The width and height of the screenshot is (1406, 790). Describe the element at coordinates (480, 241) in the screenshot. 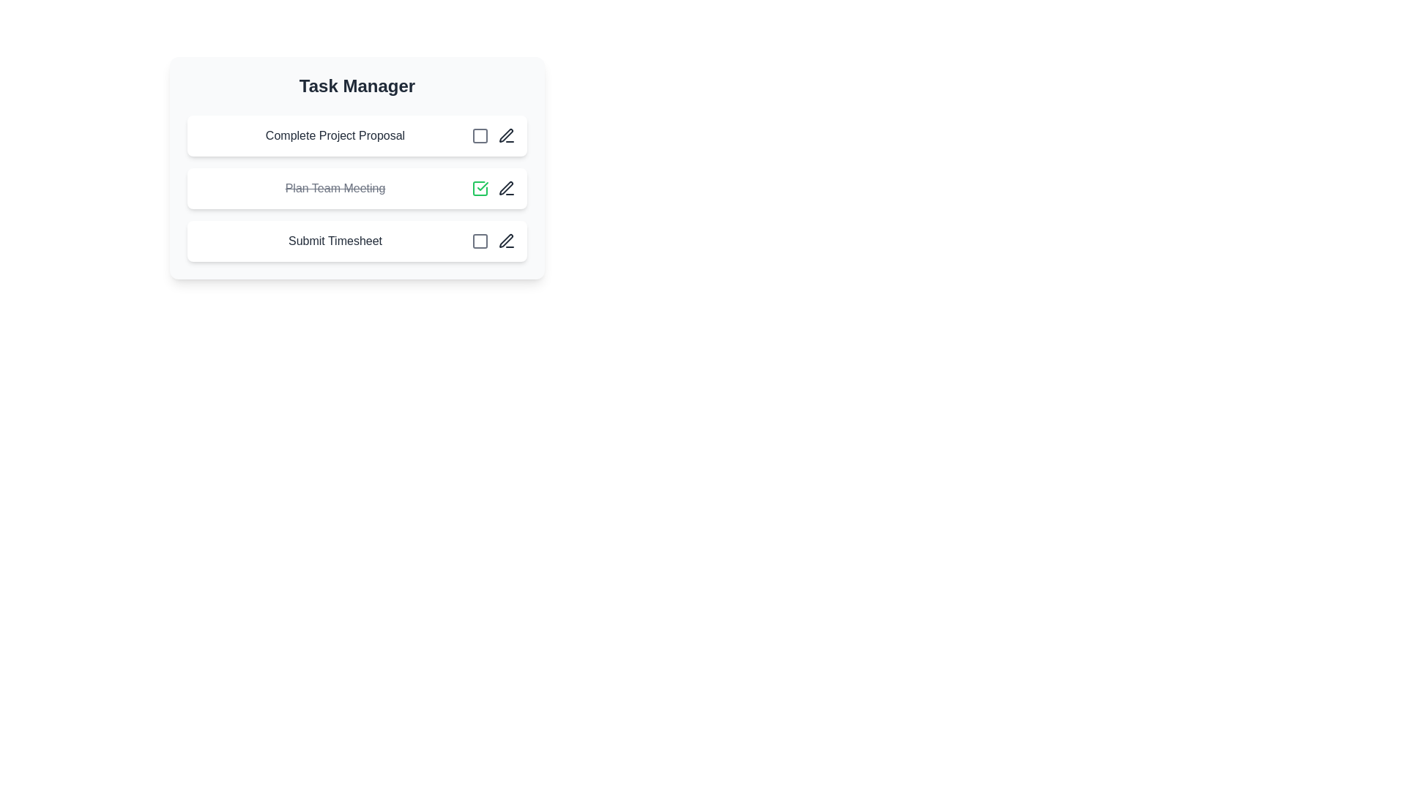

I see `the checkbox-like toggle element next to the 'Submit Timesheet' task in the third row` at that location.